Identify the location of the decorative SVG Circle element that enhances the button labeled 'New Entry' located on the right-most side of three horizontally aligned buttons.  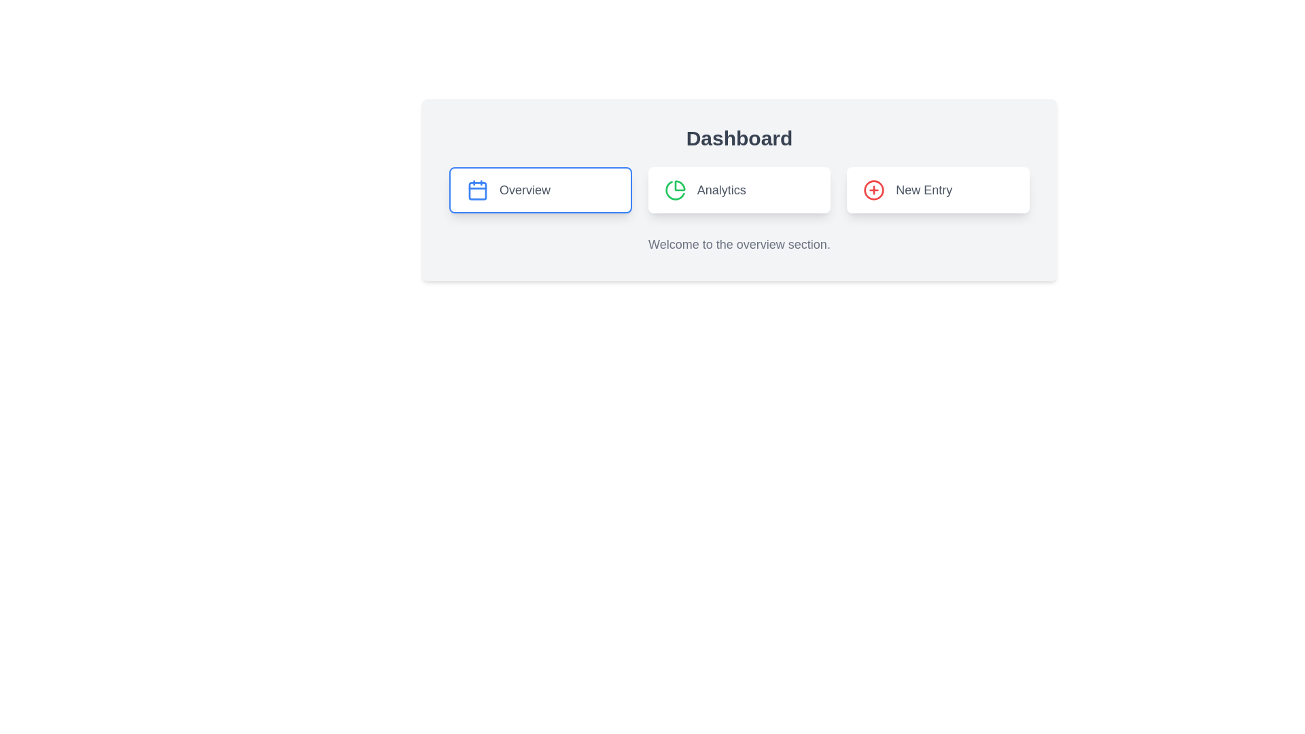
(874, 190).